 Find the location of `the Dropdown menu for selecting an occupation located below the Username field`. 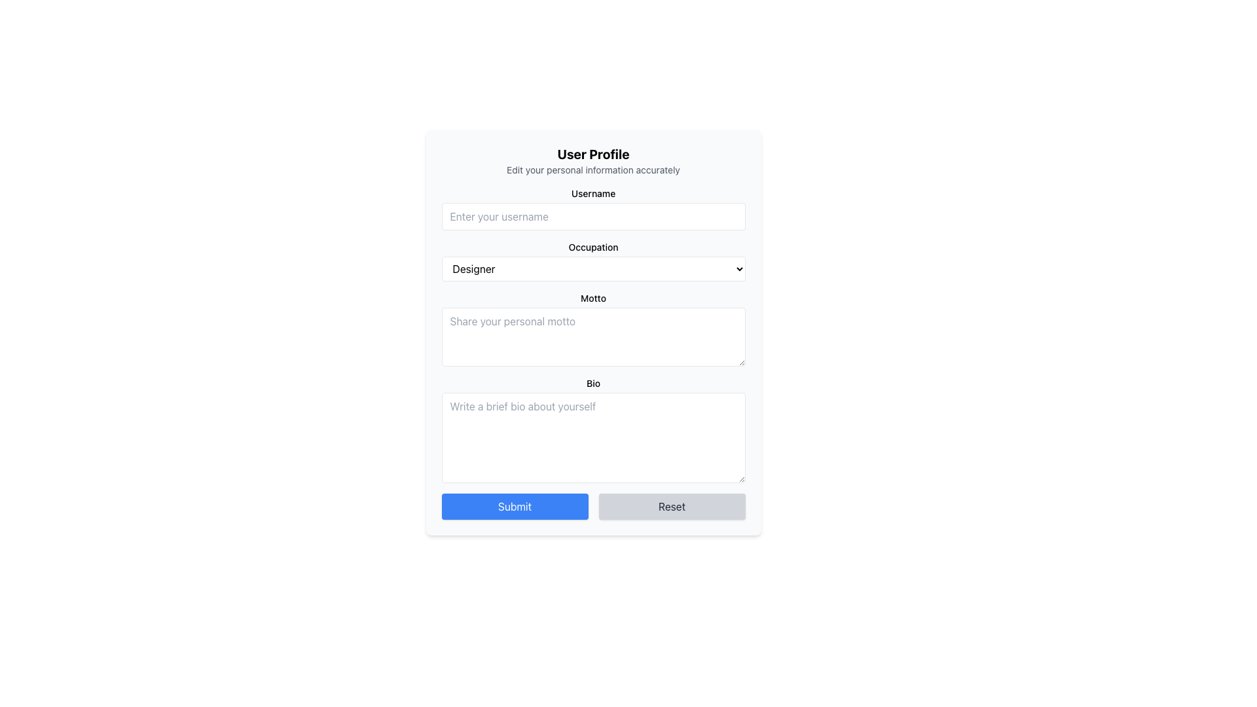

the Dropdown menu for selecting an occupation located below the Username field is located at coordinates (592, 261).